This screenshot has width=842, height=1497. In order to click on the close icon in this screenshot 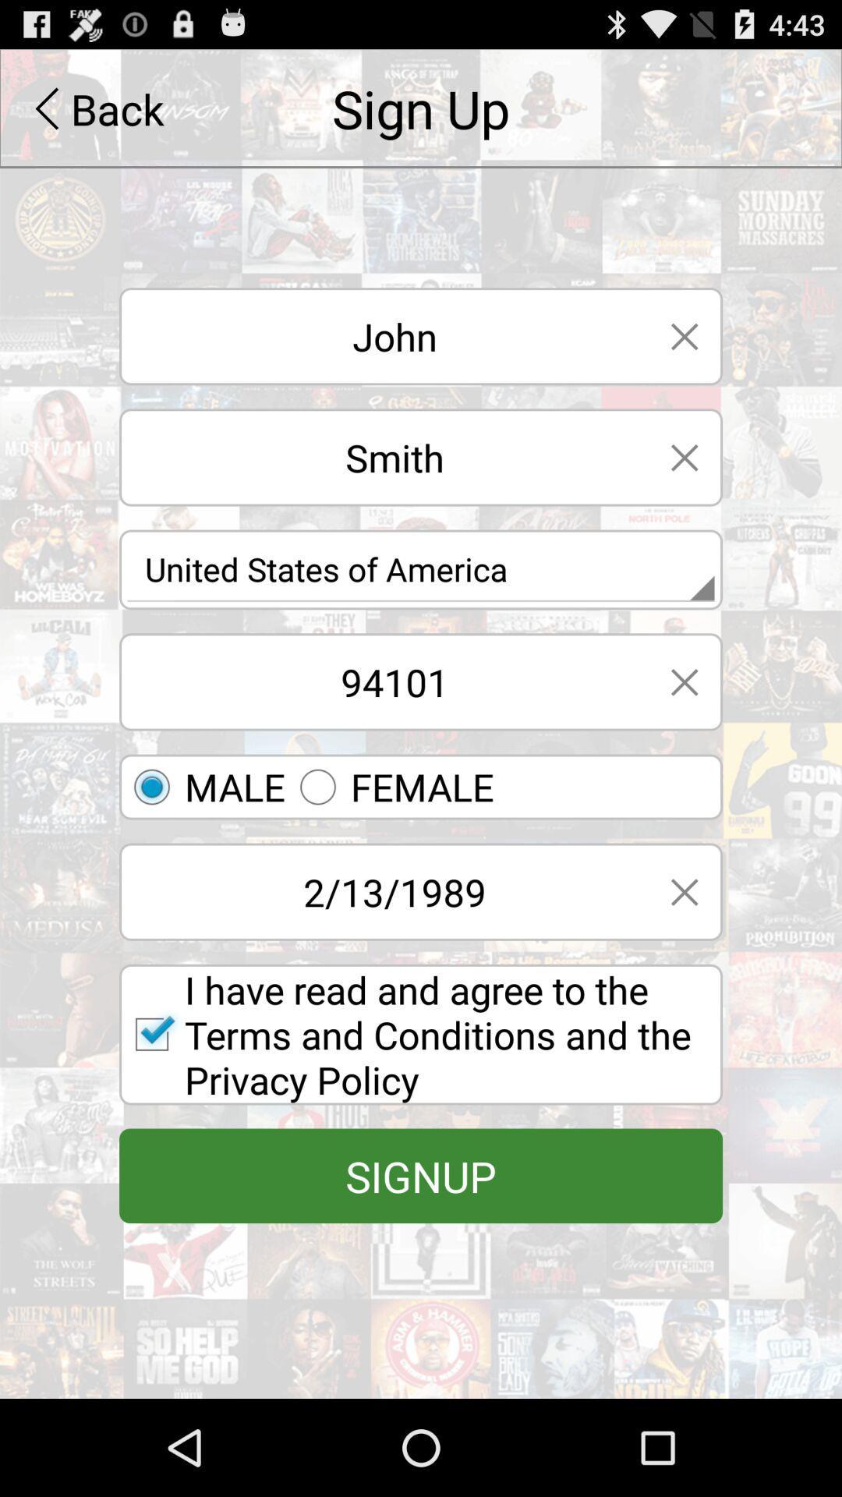, I will do `click(684, 489)`.